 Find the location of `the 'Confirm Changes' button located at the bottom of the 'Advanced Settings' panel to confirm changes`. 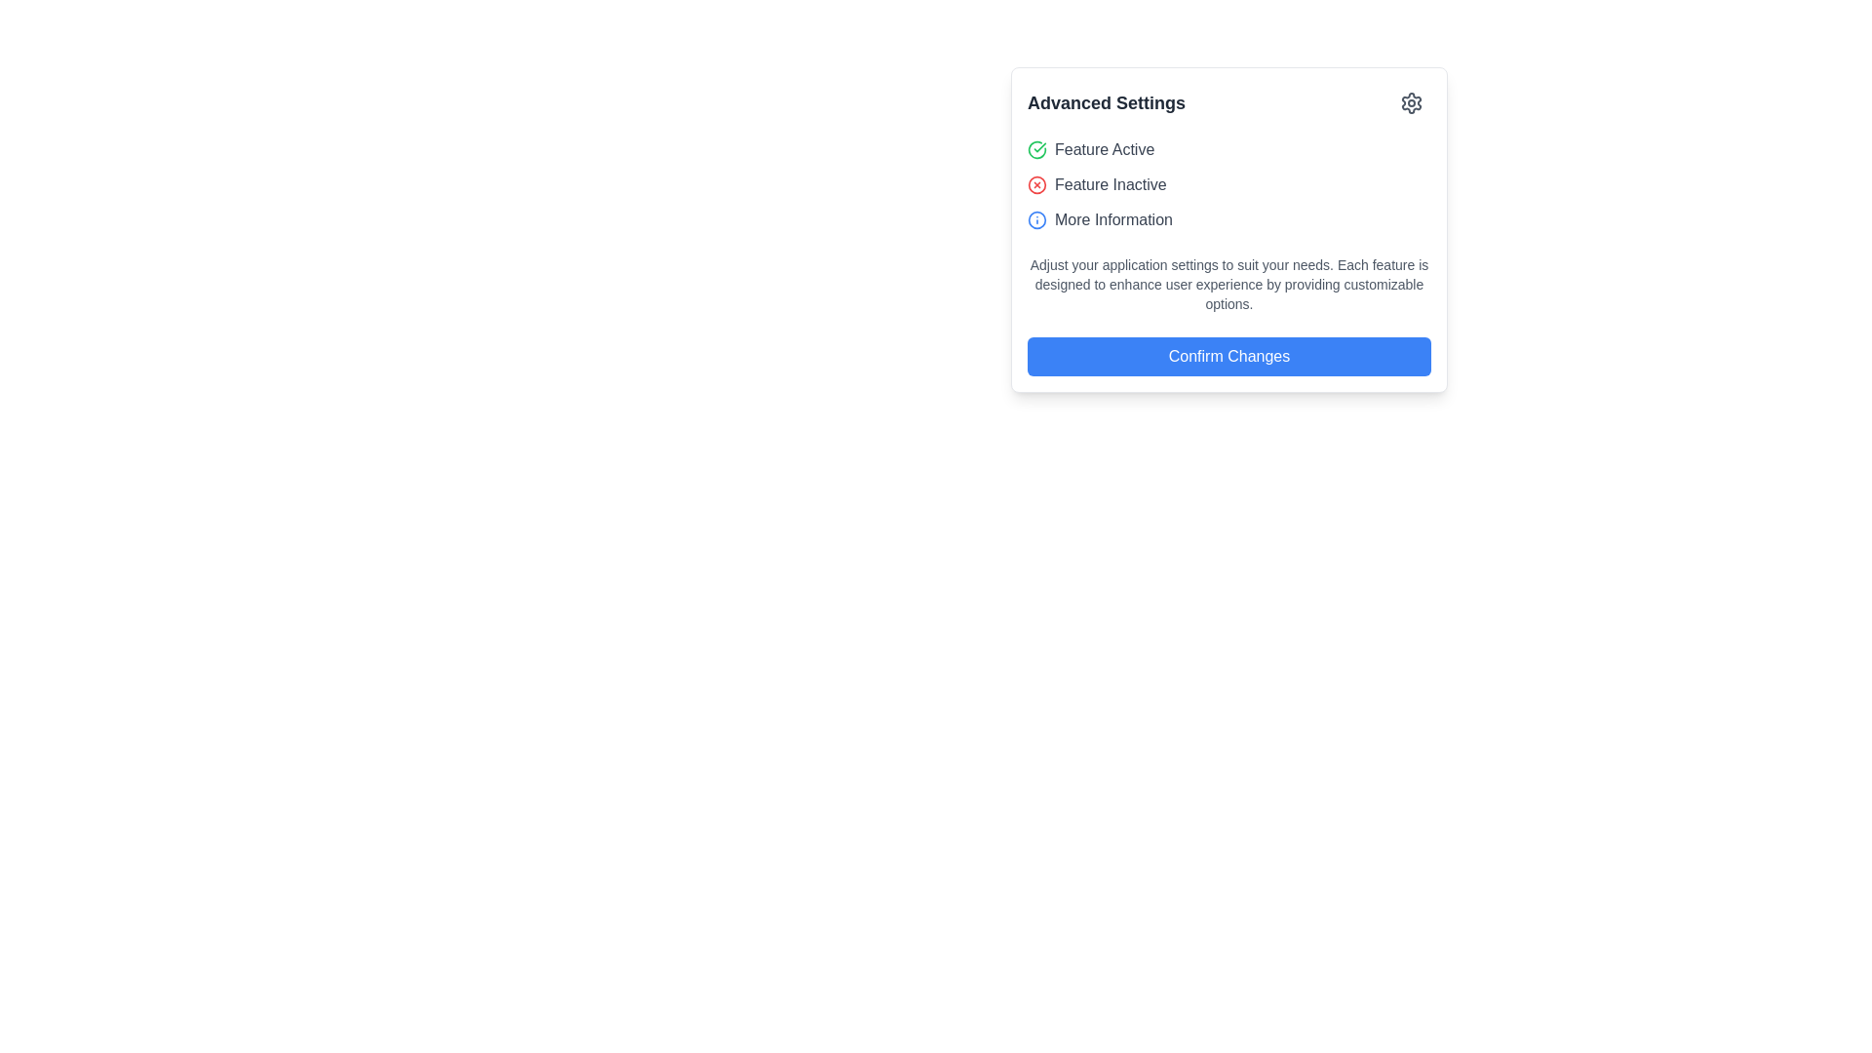

the 'Confirm Changes' button located at the bottom of the 'Advanced Settings' panel to confirm changes is located at coordinates (1228, 357).